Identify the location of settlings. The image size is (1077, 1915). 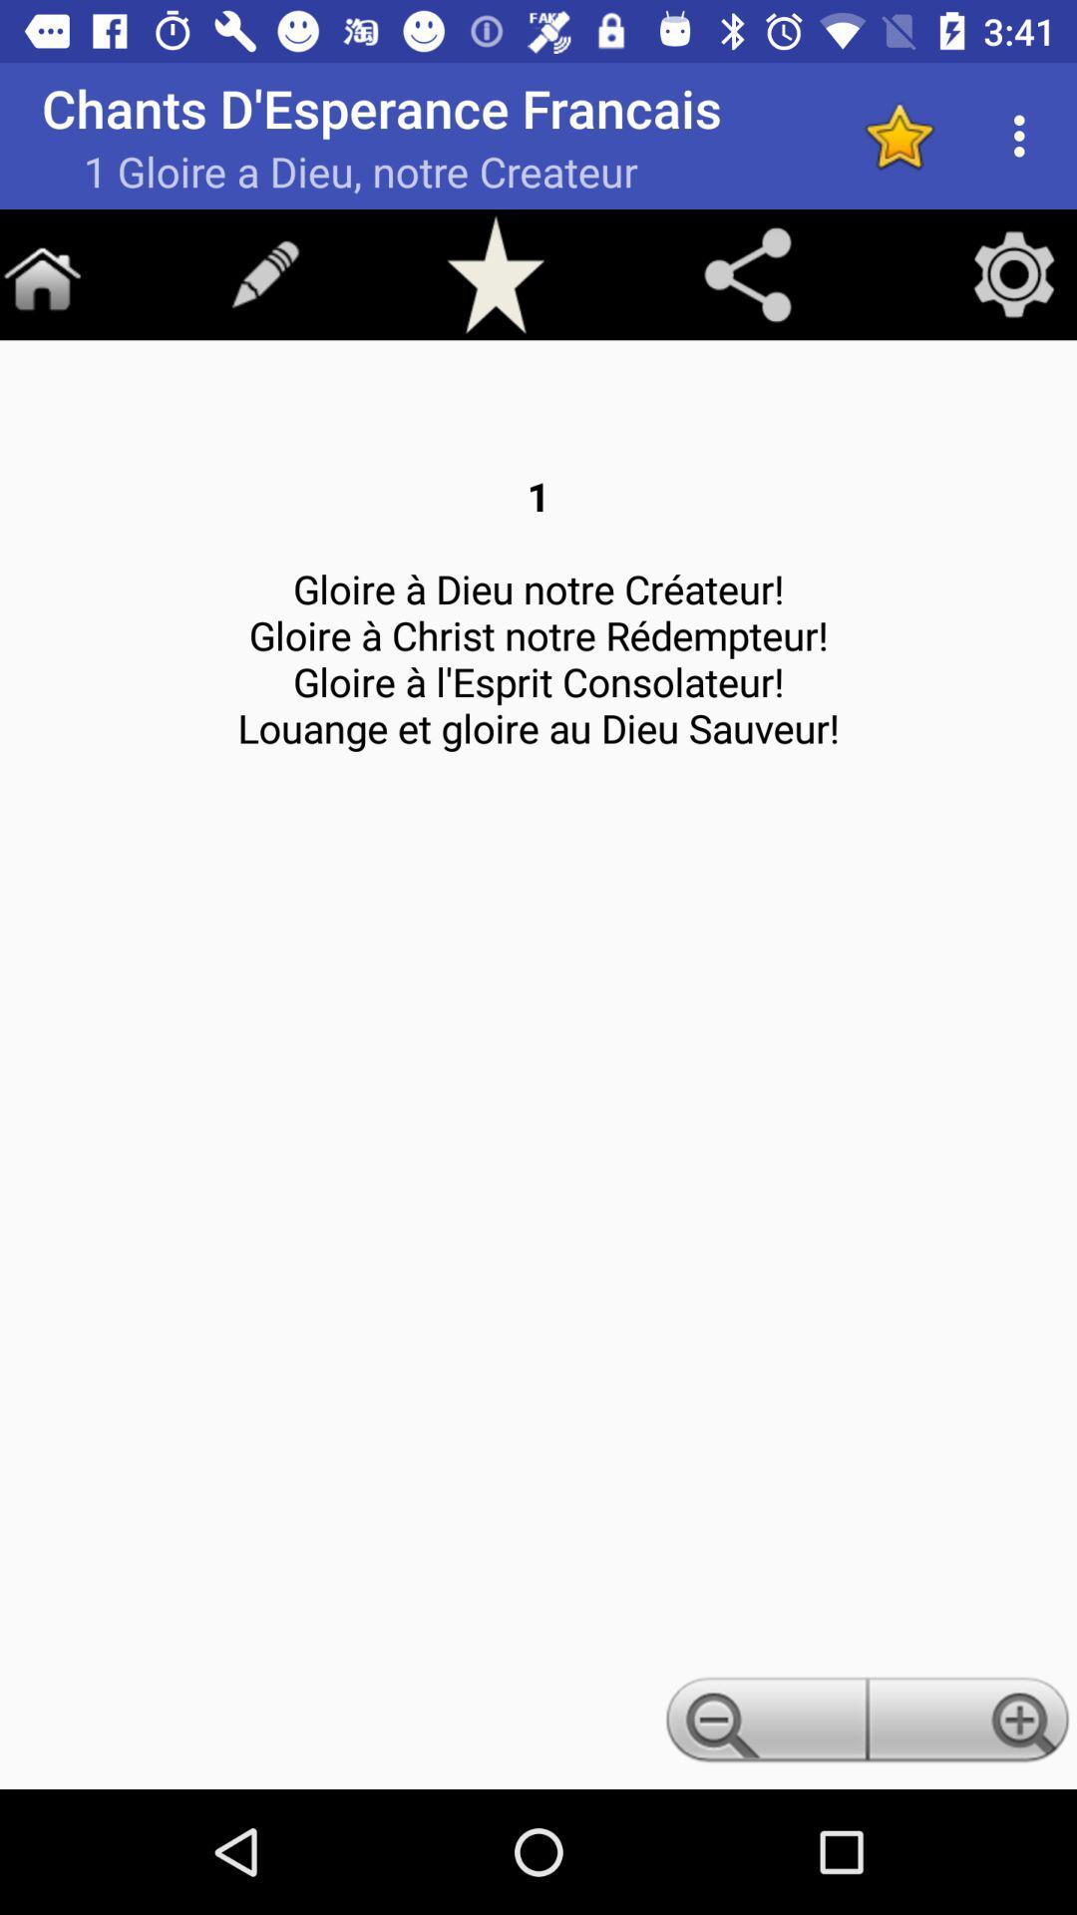
(1014, 273).